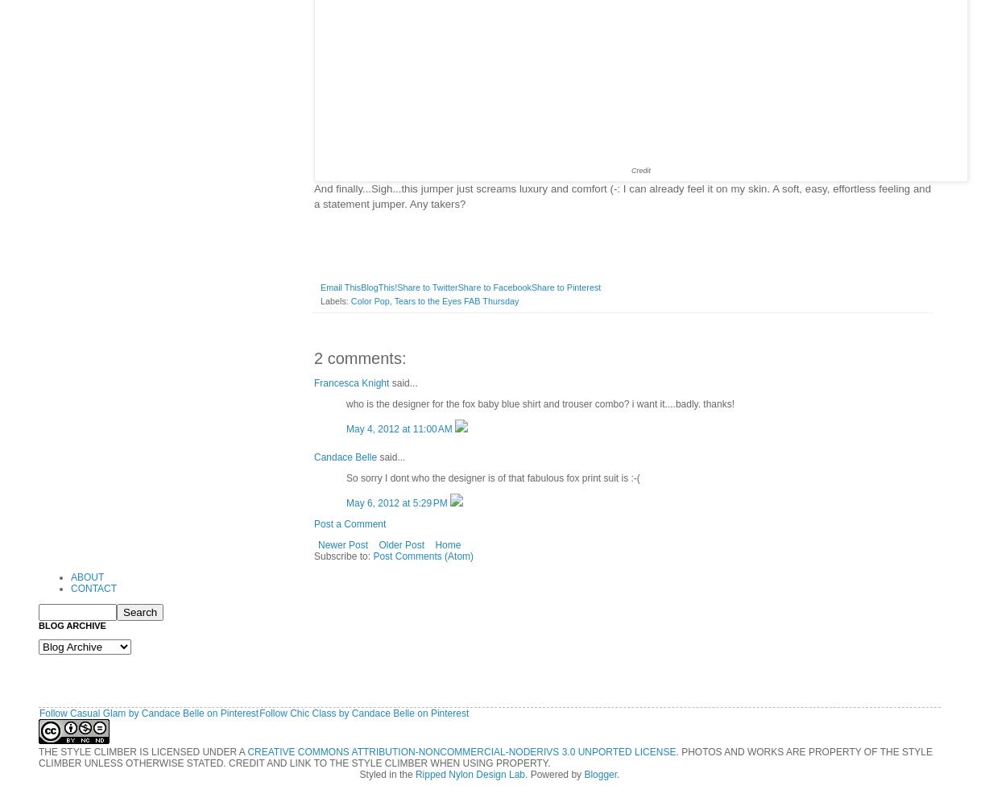 The width and height of the screenshot is (989, 794). Describe the element at coordinates (565, 286) in the screenshot. I see `'Share to Pinterest'` at that location.